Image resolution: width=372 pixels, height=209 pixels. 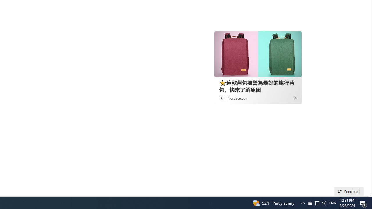 What do you see at coordinates (222, 98) in the screenshot?
I see `'Ad'` at bounding box center [222, 98].